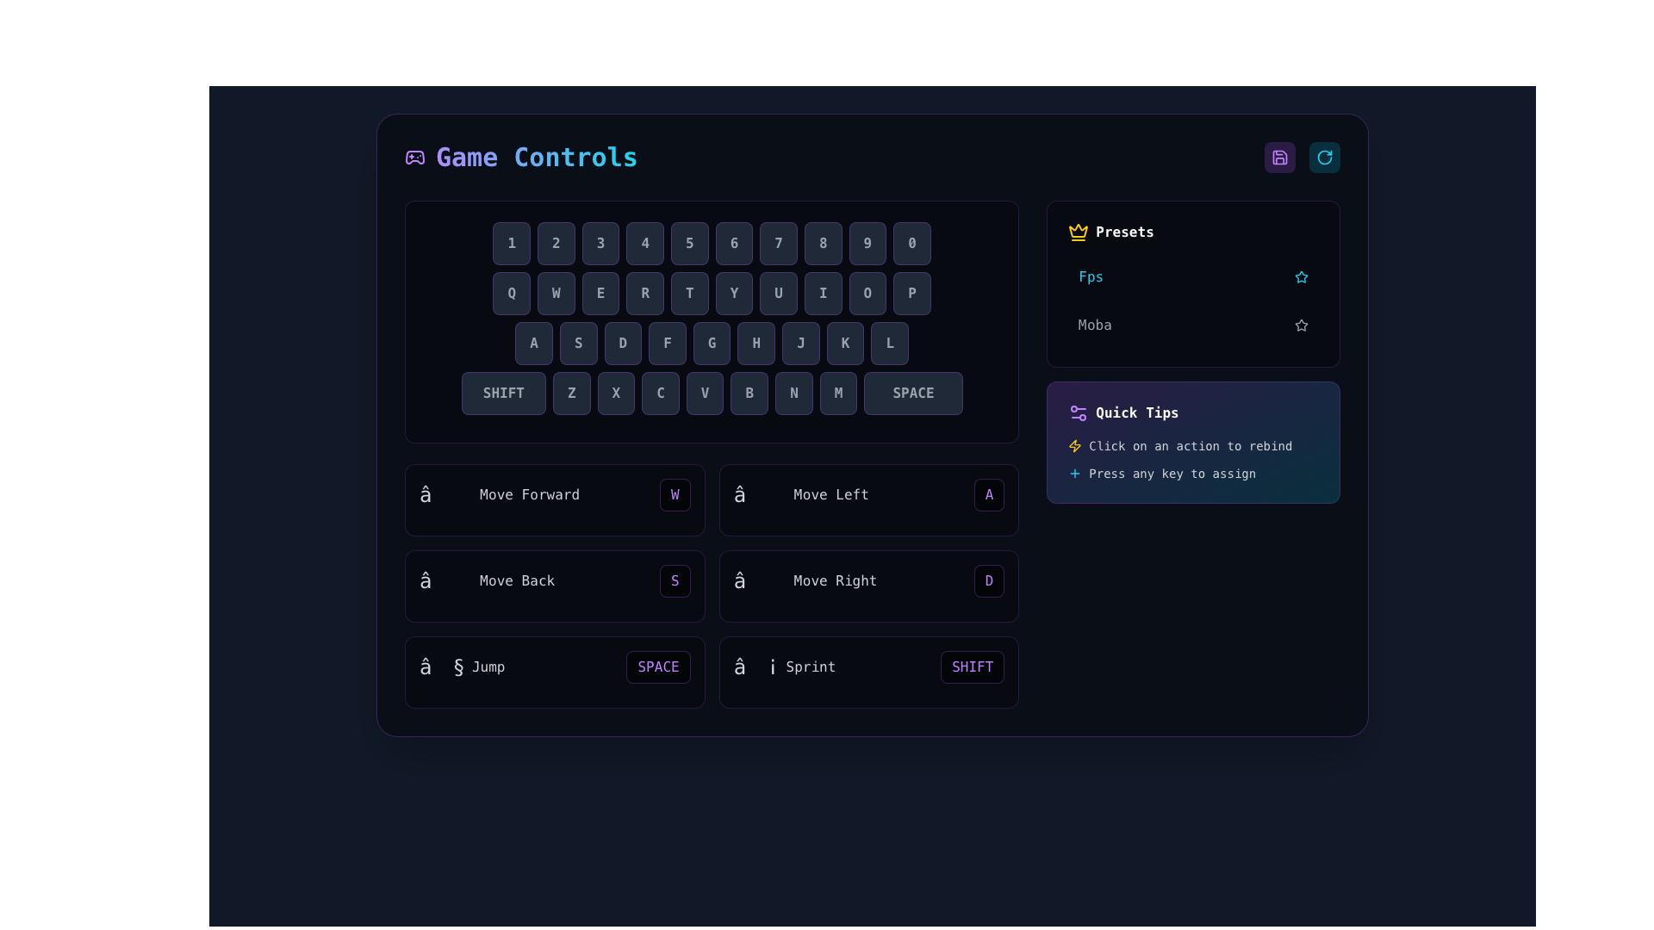  Describe the element at coordinates (555, 494) in the screenshot. I see `label of the 'Move Forward' button located in the central part of the interface, above the 'Move Back' option` at that location.